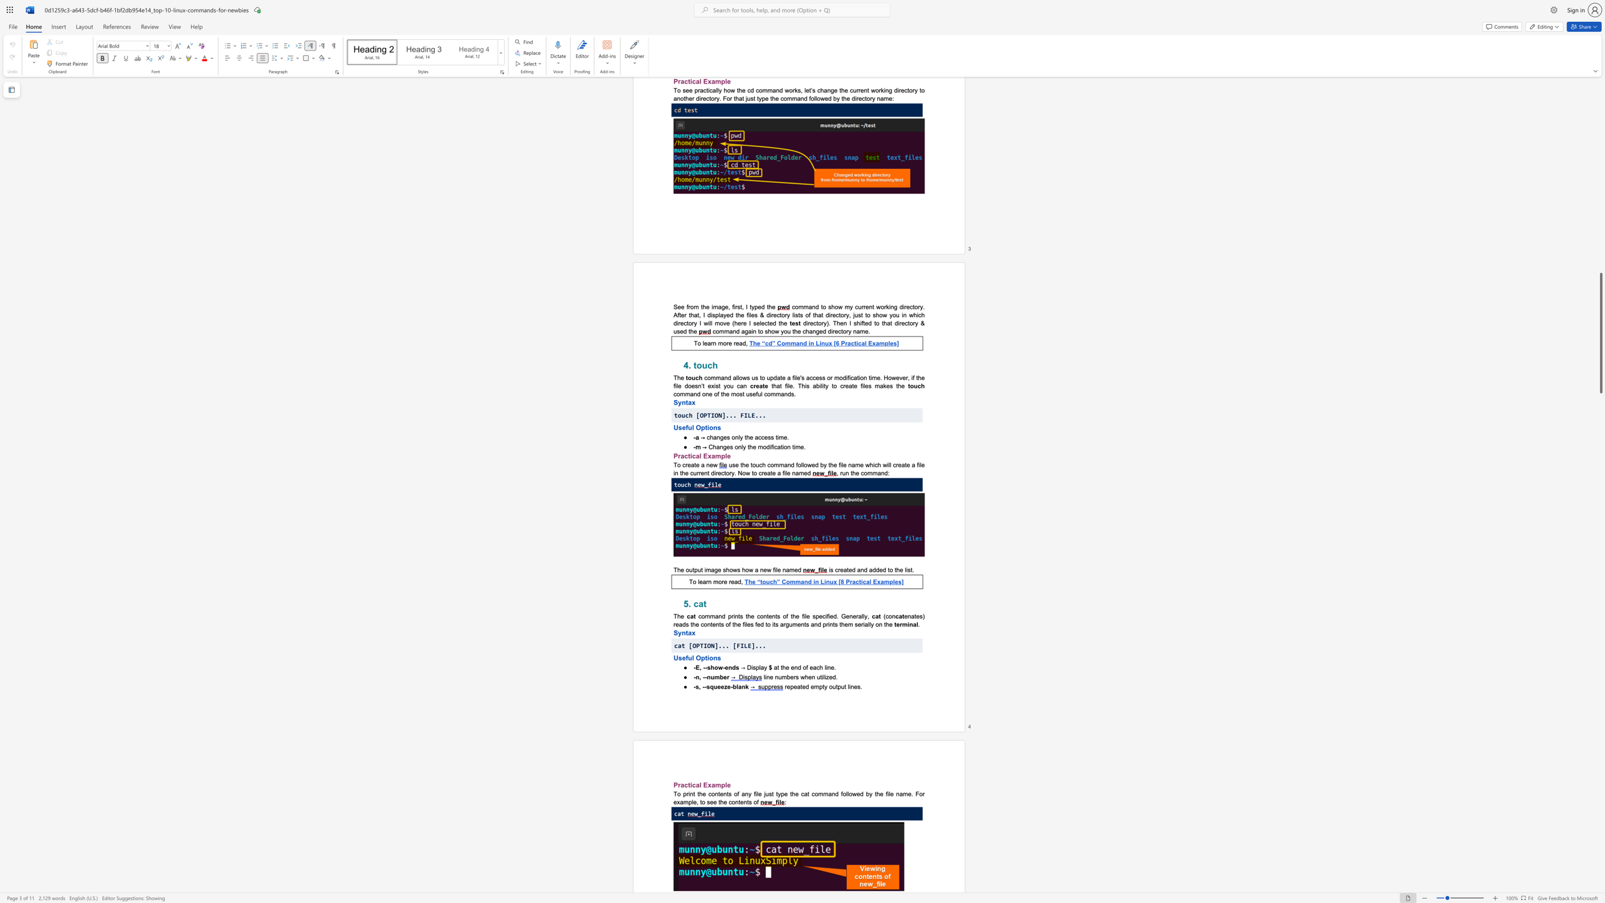 Image resolution: width=1605 pixels, height=903 pixels. I want to click on the 4th character "-" in the text, so click(731, 686).